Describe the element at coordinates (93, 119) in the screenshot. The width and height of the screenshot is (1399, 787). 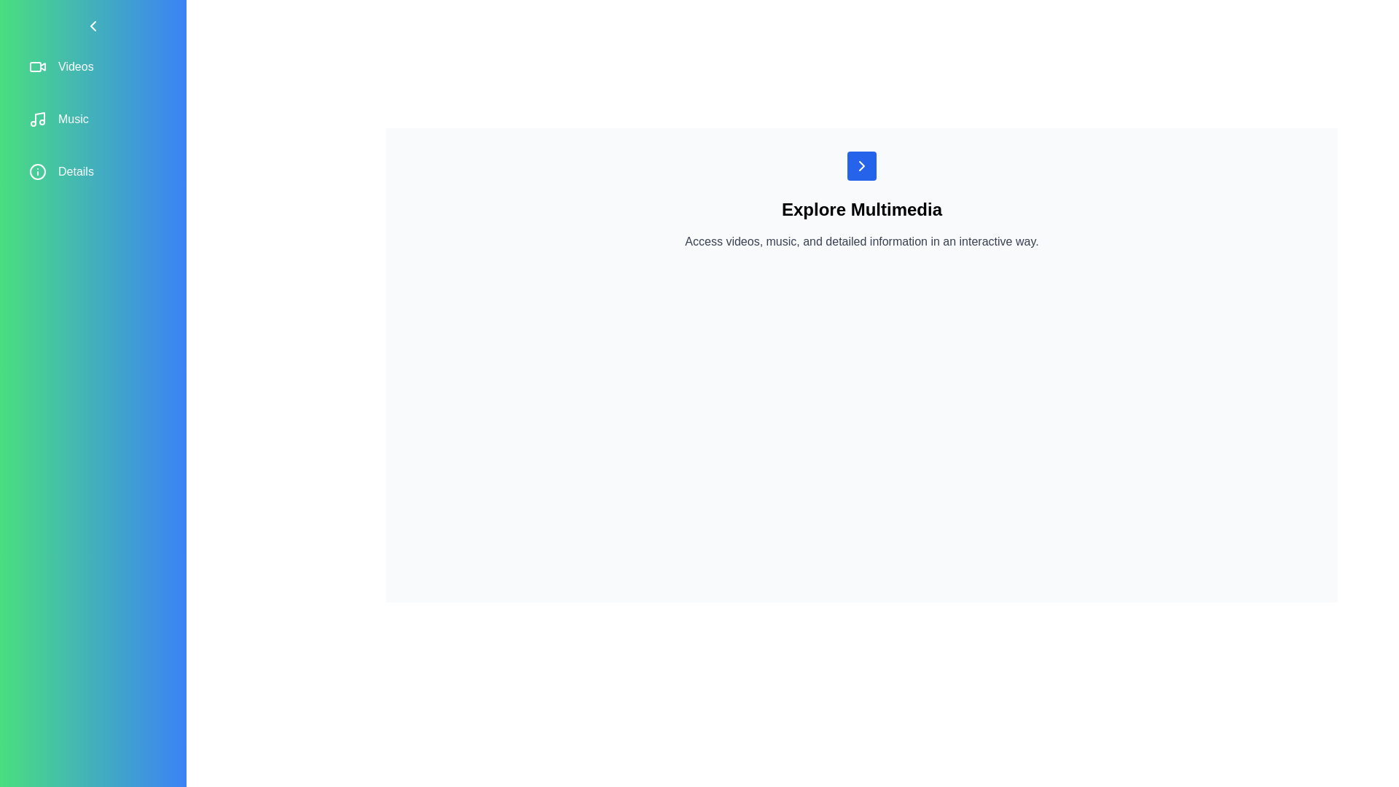
I see `the sidebar item Music` at that location.